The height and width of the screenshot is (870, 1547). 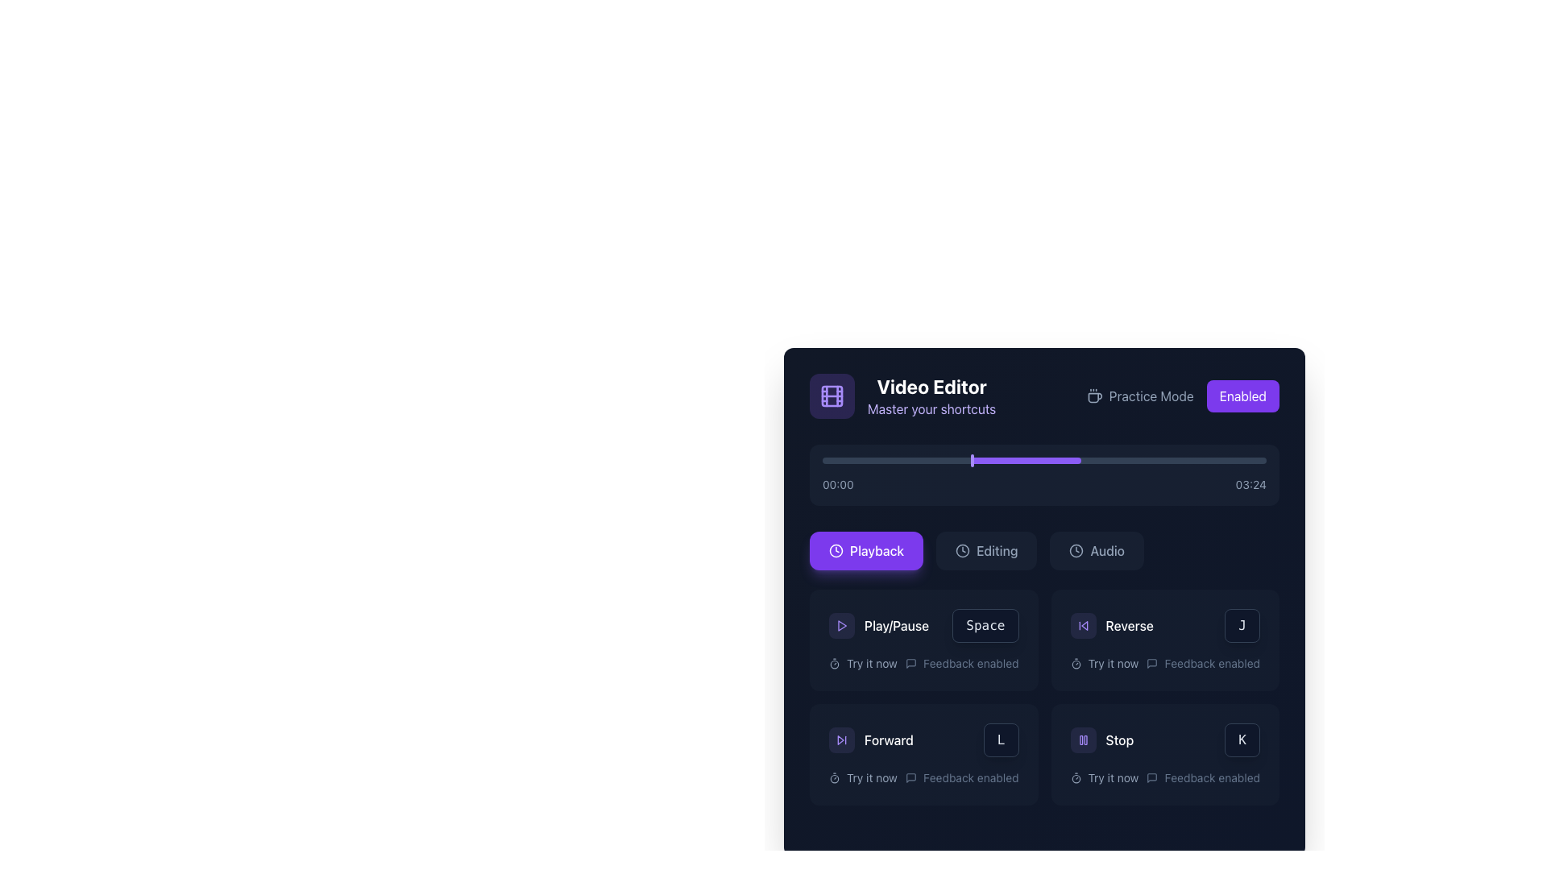 What do you see at coordinates (1094, 396) in the screenshot?
I see `the coffee cup icon that symbolizes breaks, located in the toolbar next to 'Practice Mode'` at bounding box center [1094, 396].